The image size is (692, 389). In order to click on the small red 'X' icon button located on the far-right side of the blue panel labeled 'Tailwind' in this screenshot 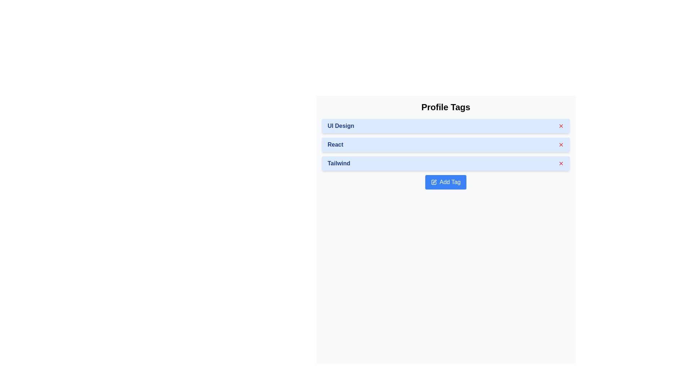, I will do `click(560, 164)`.